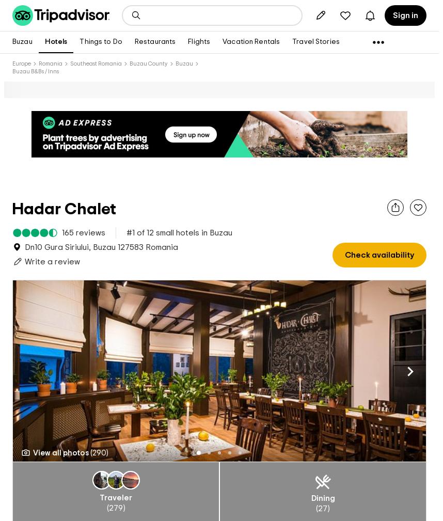 The width and height of the screenshot is (443, 521). What do you see at coordinates (50, 63) in the screenshot?
I see `'Romania'` at bounding box center [50, 63].